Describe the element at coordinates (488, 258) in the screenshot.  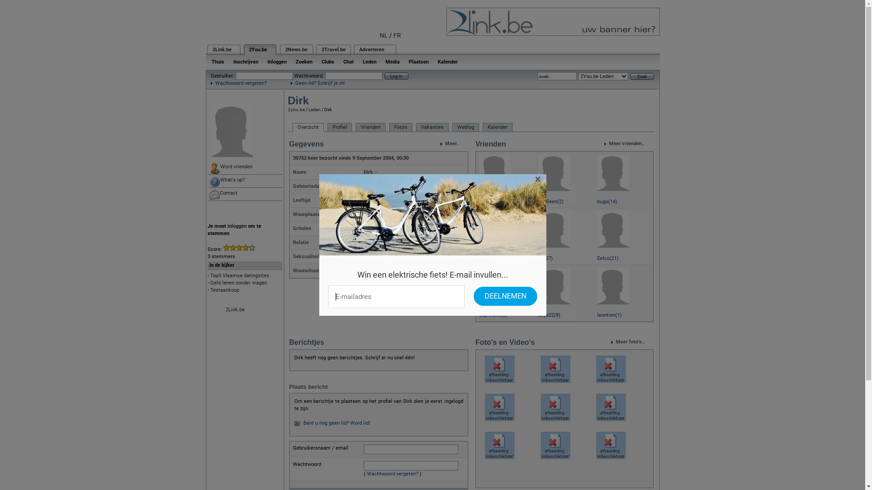
I see `'lieve(25)'` at that location.